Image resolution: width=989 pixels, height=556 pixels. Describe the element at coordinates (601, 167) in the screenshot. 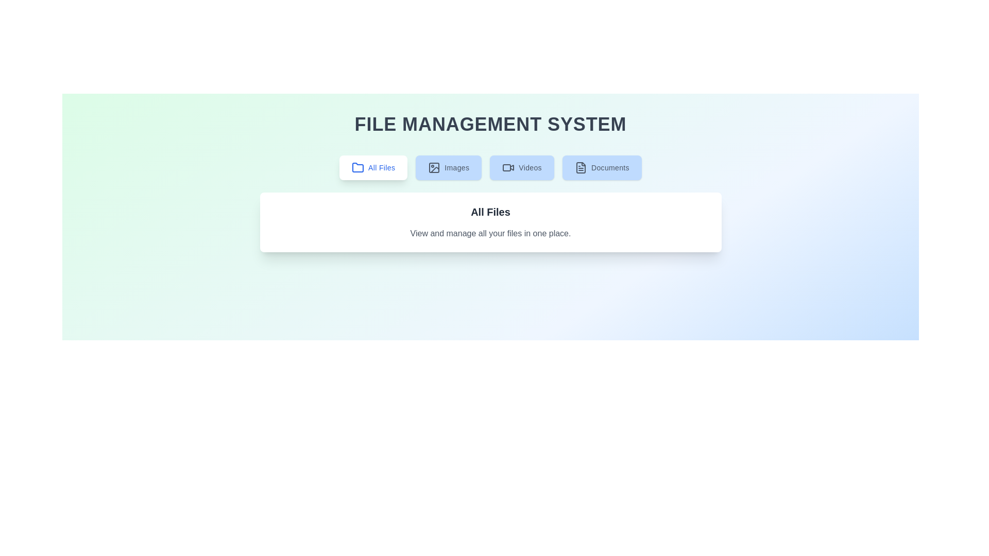

I see `the Documents tab to view the corresponding file category` at that location.